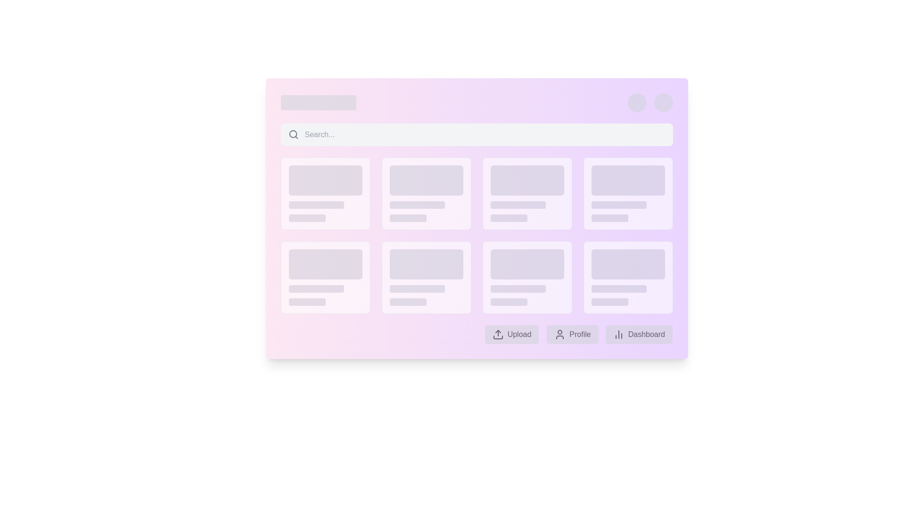 The height and width of the screenshot is (509, 905). I want to click on the topmost non-interactive decorative block in the vertical stack of three components located in the bottom-right corner of the central grid layout, so click(628, 264).